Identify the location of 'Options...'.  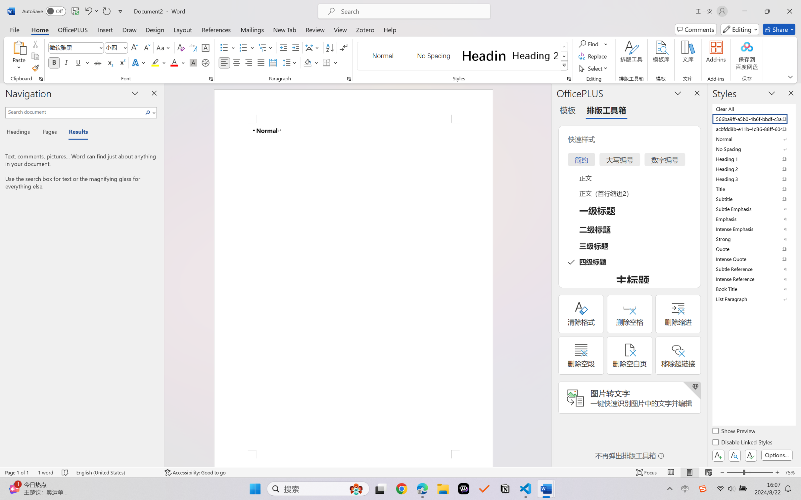
(776, 455).